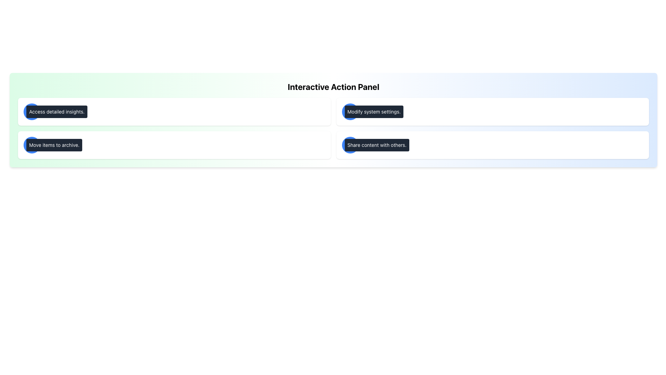  What do you see at coordinates (378, 111) in the screenshot?
I see `the text label 'Configure' which is displayed in bold gray font within the top-right card of a four-card layout, adjacent to a blue gear icon and descriptive text` at bounding box center [378, 111].